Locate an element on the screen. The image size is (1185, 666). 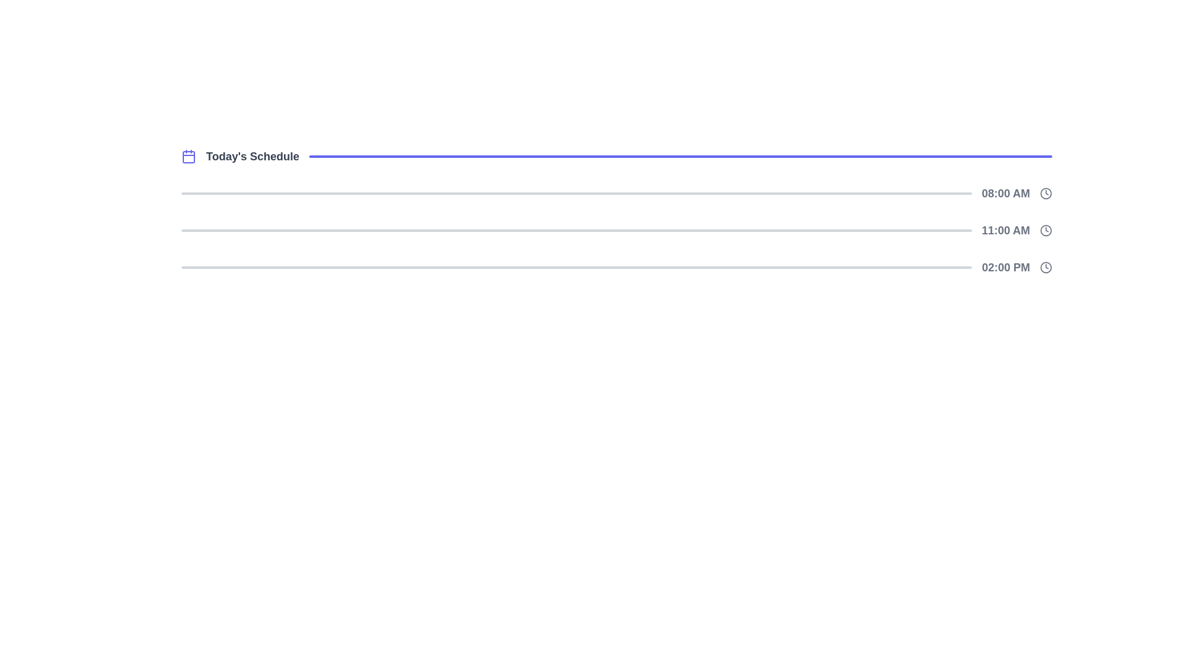
the icon that signifies the purpose of the 'Today's Schedule' section, located to the left of the title is located at coordinates (188, 156).